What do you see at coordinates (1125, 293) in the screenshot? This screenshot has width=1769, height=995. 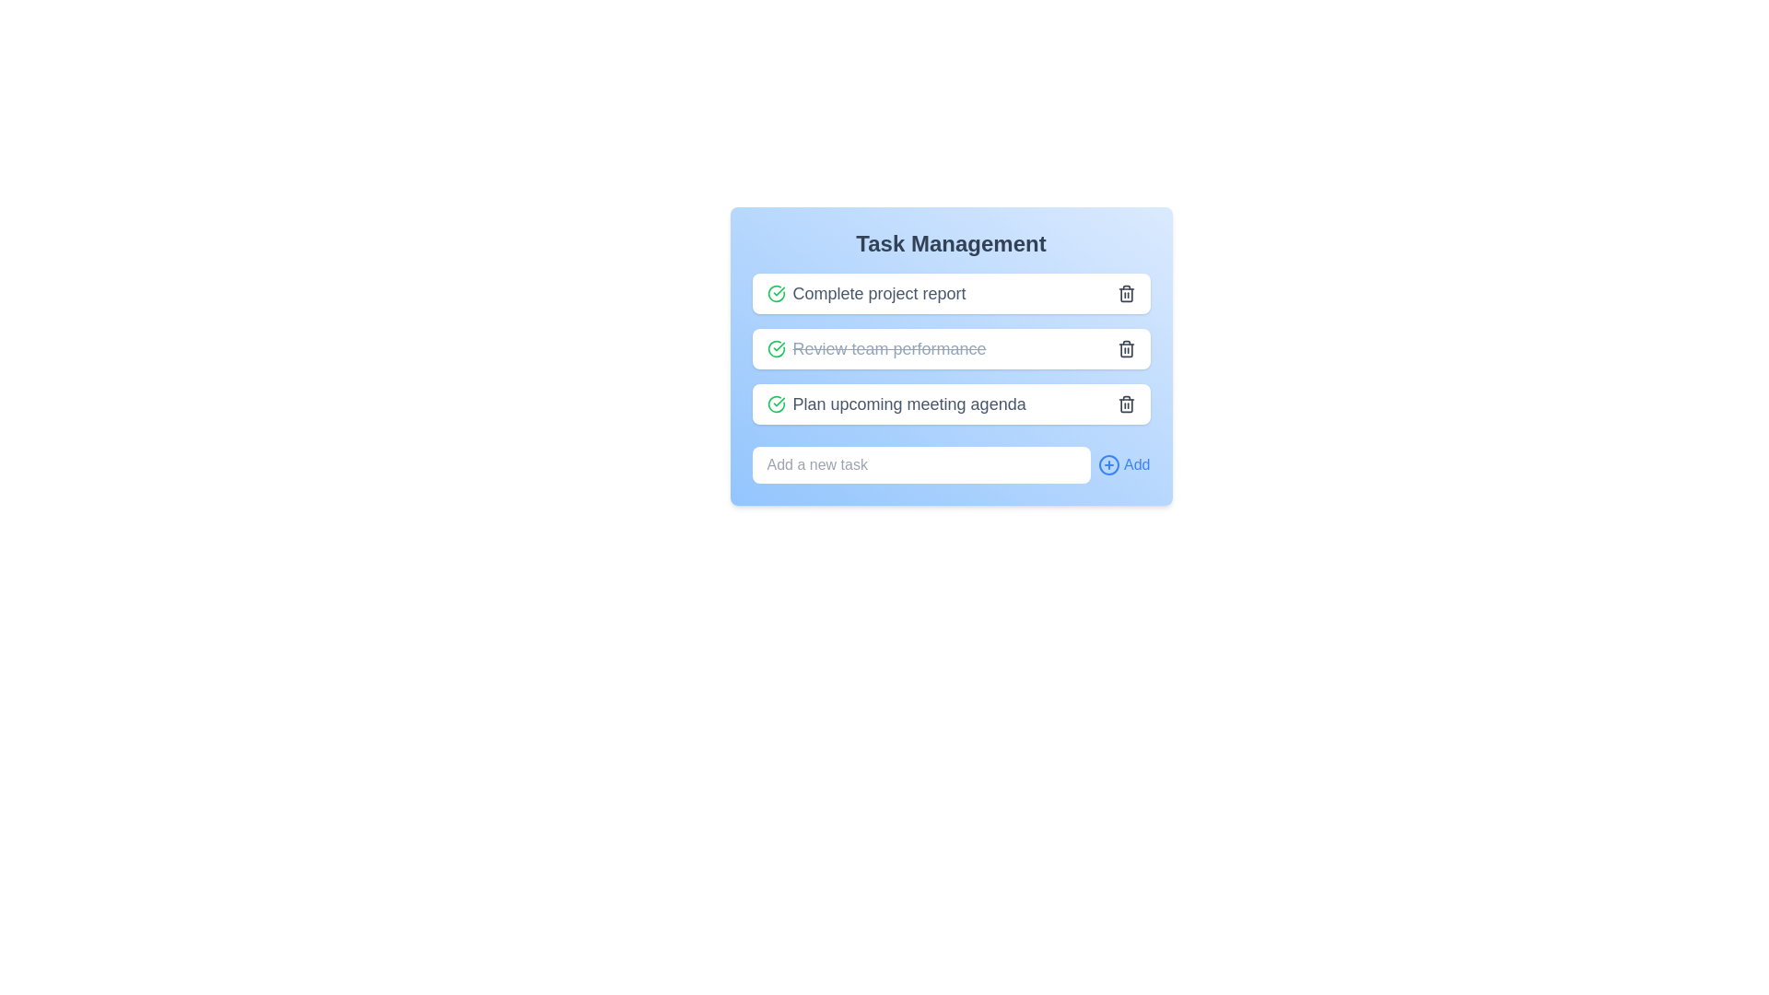 I see `the Trash Can icon located at the far right end of the first task row labeled 'Complete project report'` at bounding box center [1125, 293].